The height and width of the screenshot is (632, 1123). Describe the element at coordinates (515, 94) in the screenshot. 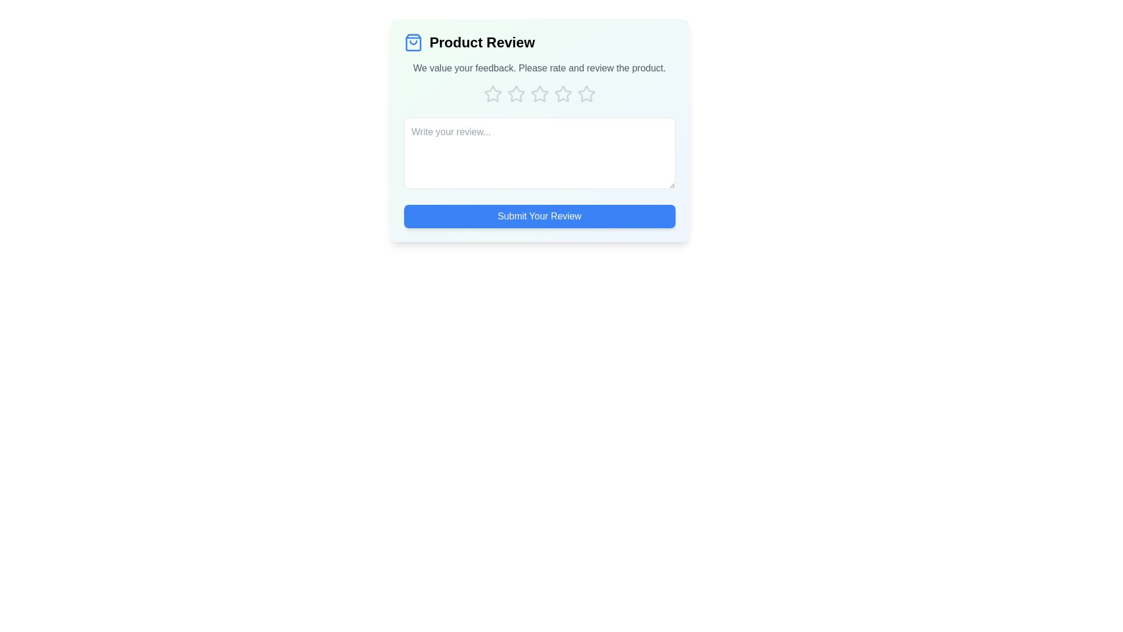

I see `the third star in the rating component` at that location.